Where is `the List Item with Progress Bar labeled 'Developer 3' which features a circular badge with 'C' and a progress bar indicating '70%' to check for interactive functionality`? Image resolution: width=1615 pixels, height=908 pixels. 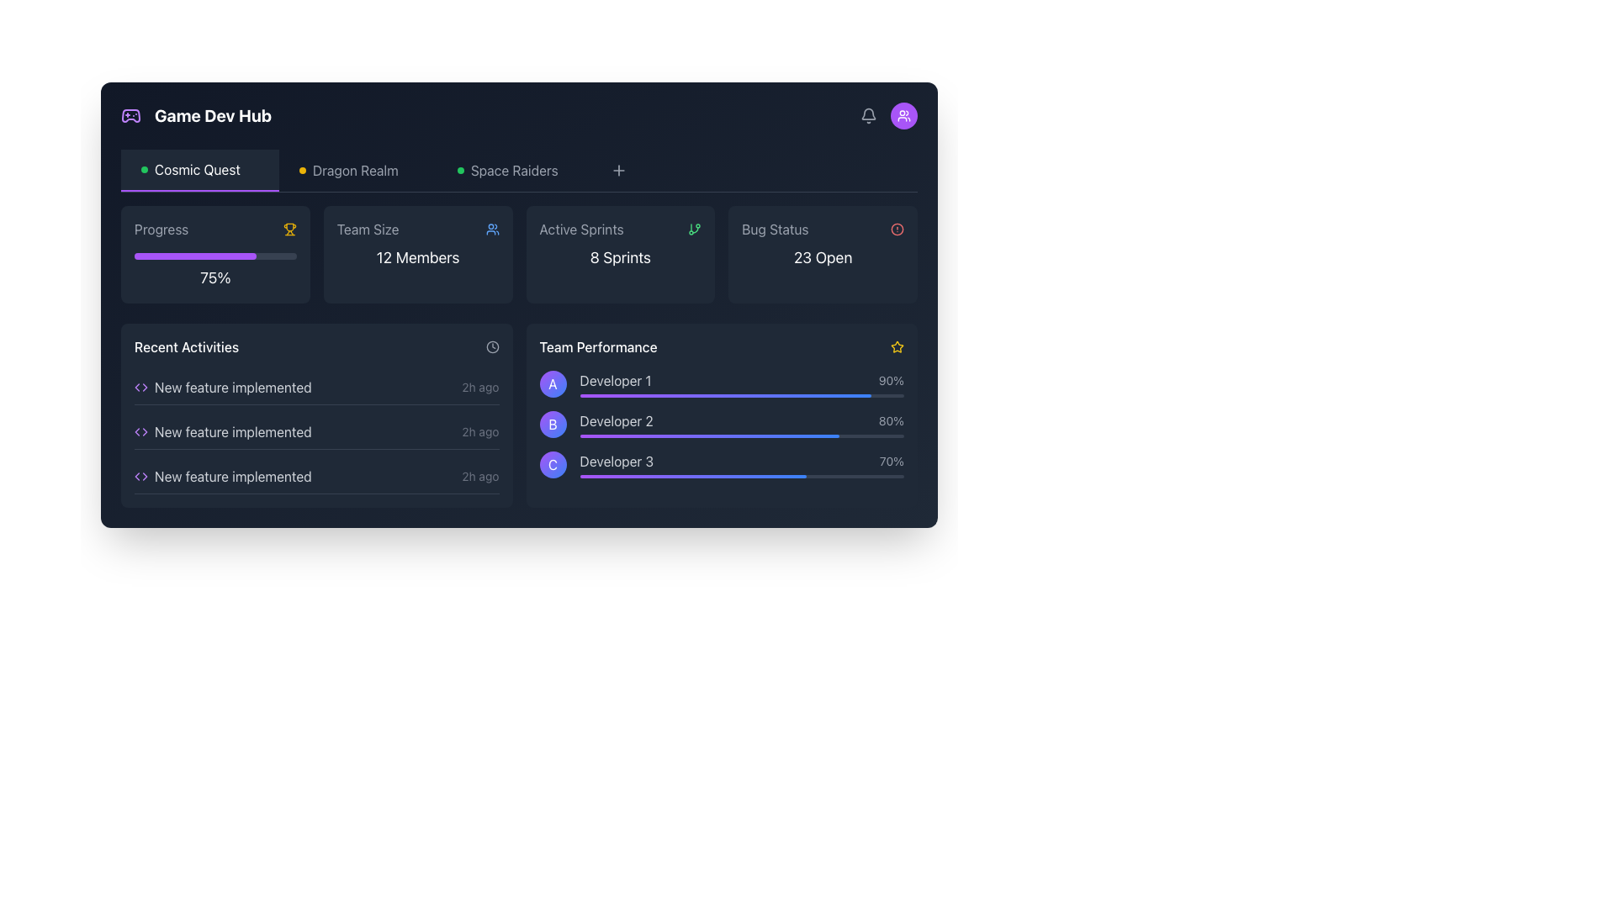 the List Item with Progress Bar labeled 'Developer 3' which features a circular badge with 'C' and a progress bar indicating '70%' to check for interactive functionality is located at coordinates (722, 464).